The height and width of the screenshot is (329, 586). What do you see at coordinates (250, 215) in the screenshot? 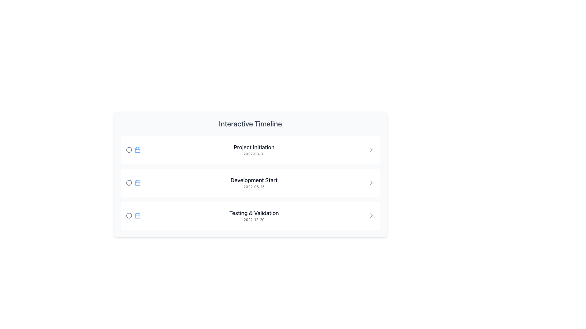
I see `the 'Testing & Validation' stage element in the interactive timeline, which is the third item in the list, positioned between 'Development Start' and the scrollbar` at bounding box center [250, 215].